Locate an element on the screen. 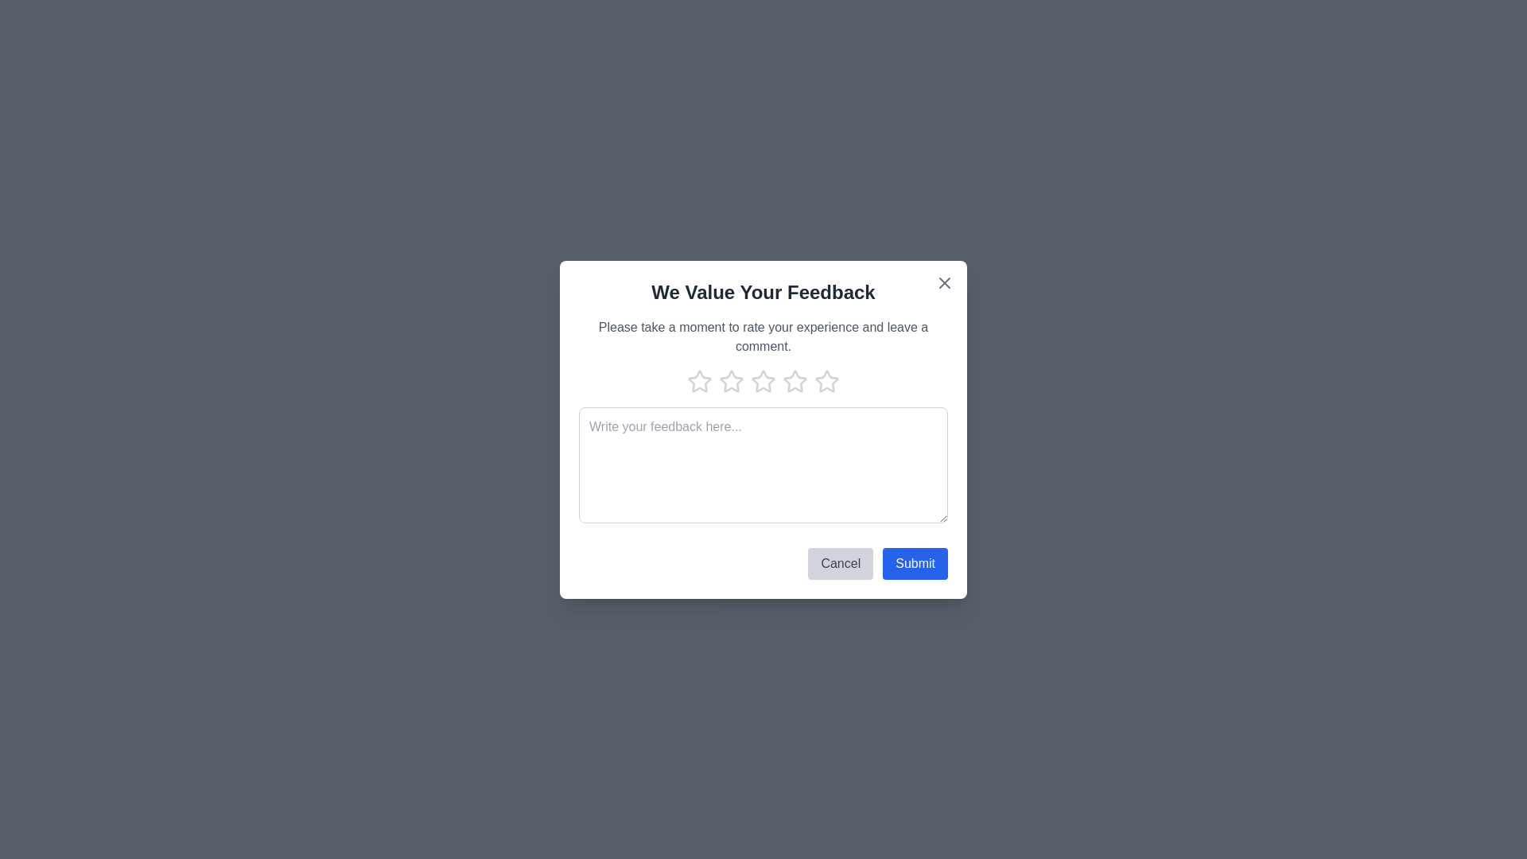  the cancel button located at the bottom-right corner of the modal dialog box, which is the first button from the left in a group of two buttons is located at coordinates (840, 562).